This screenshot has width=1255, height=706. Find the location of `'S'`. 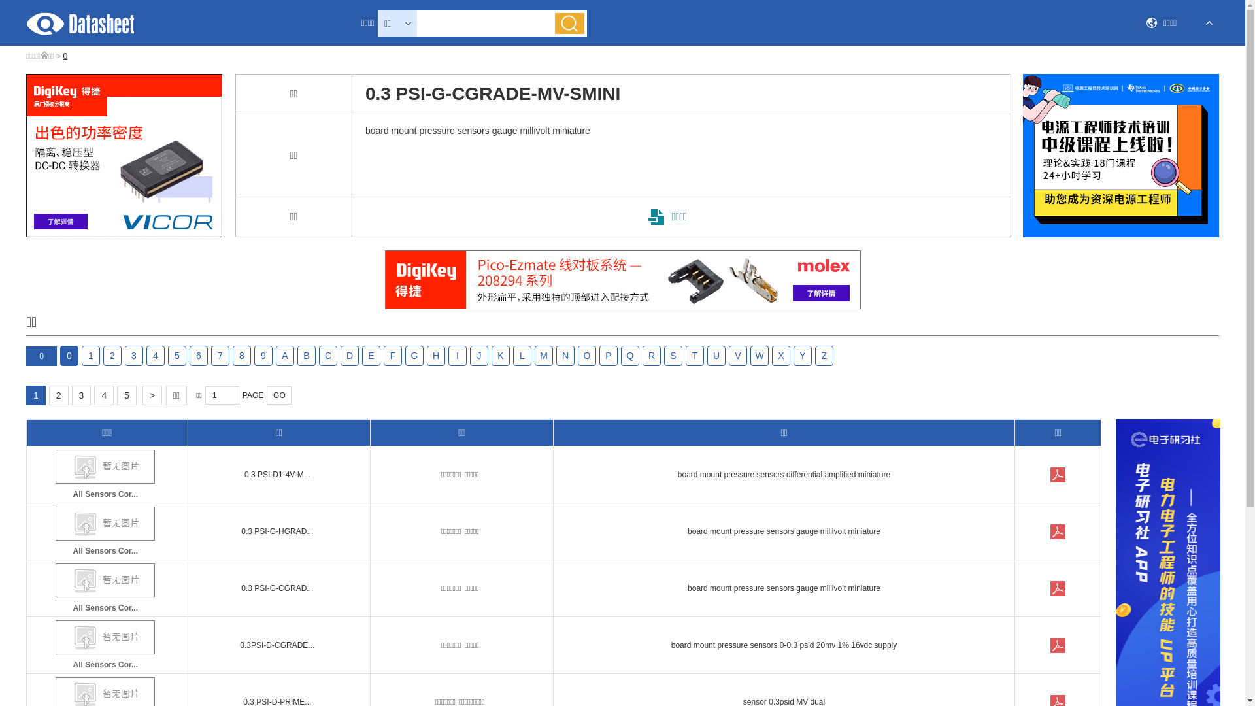

'S' is located at coordinates (673, 356).